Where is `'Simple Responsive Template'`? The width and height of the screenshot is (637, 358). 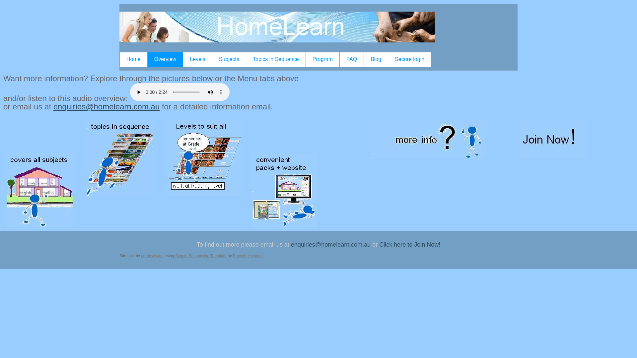 'Simple Responsive Template' is located at coordinates (175, 255).